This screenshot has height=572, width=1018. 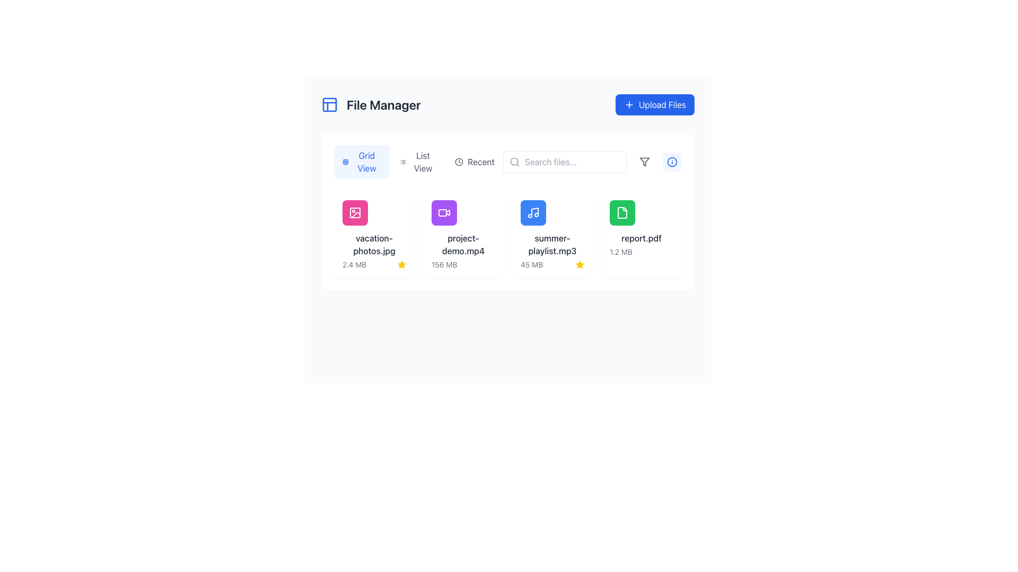 I want to click on the text label inside the blue upload button located at the top-right corner of the interface, so click(x=661, y=104).